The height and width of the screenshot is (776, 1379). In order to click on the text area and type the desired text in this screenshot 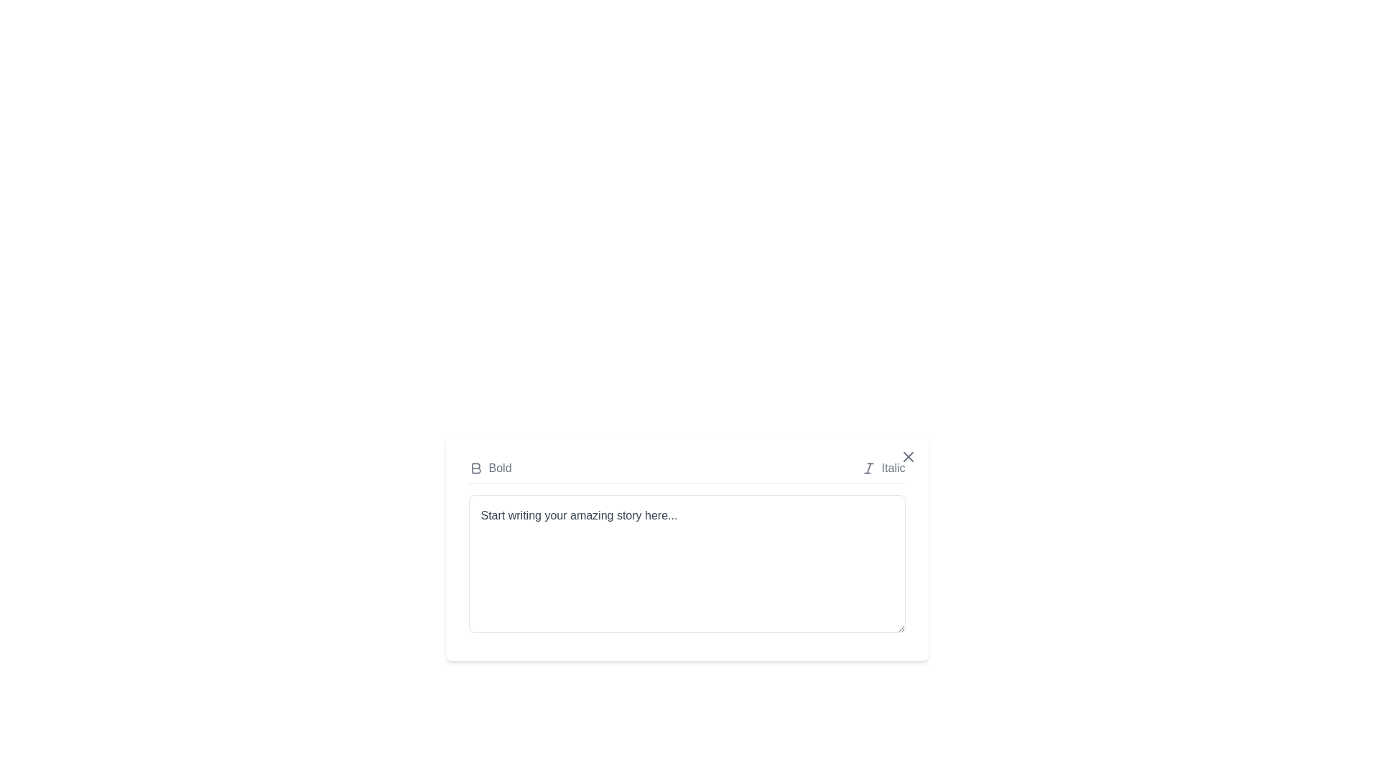, I will do `click(686, 563)`.